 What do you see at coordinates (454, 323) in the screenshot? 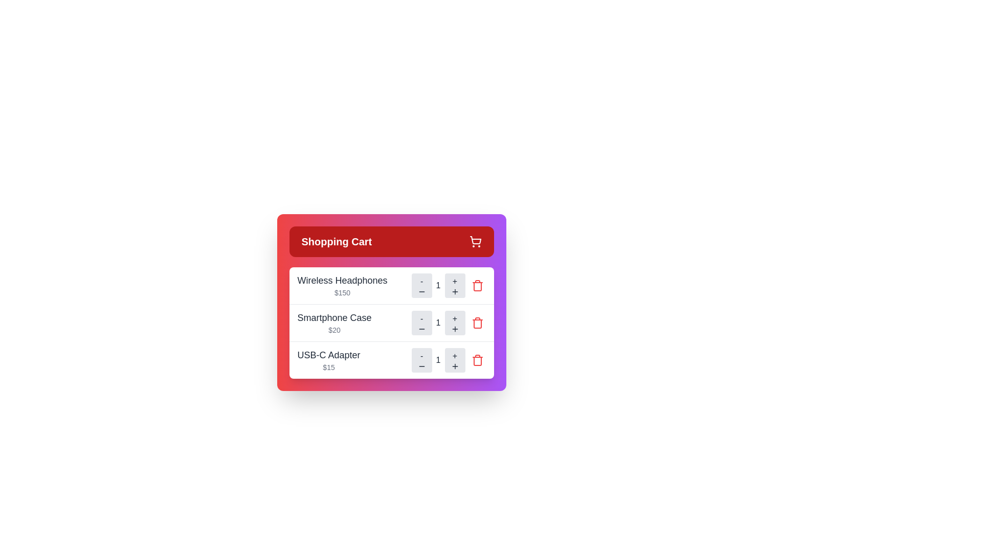
I see `'+' button next to the item specified by Smartphone Case` at bounding box center [454, 323].